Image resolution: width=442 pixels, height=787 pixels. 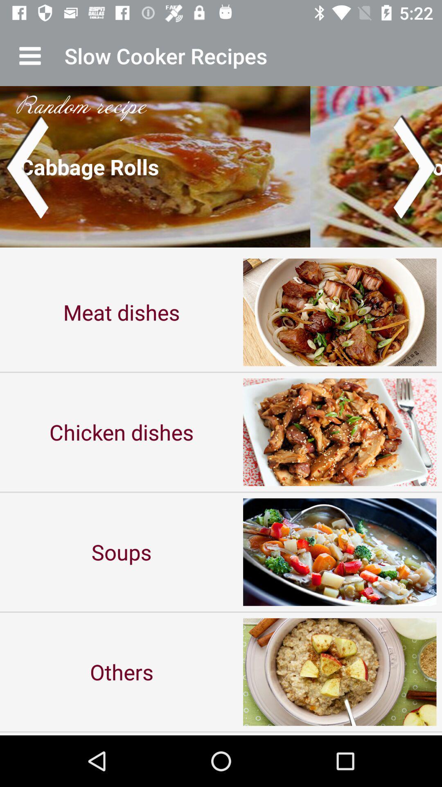 I want to click on the item below the meat dishes icon, so click(x=122, y=432).